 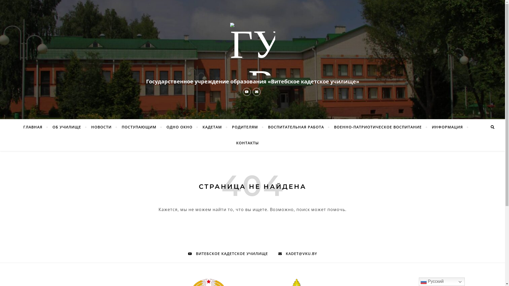 What do you see at coordinates (298, 253) in the screenshot?
I see `'KADET@VKU.BY'` at bounding box center [298, 253].